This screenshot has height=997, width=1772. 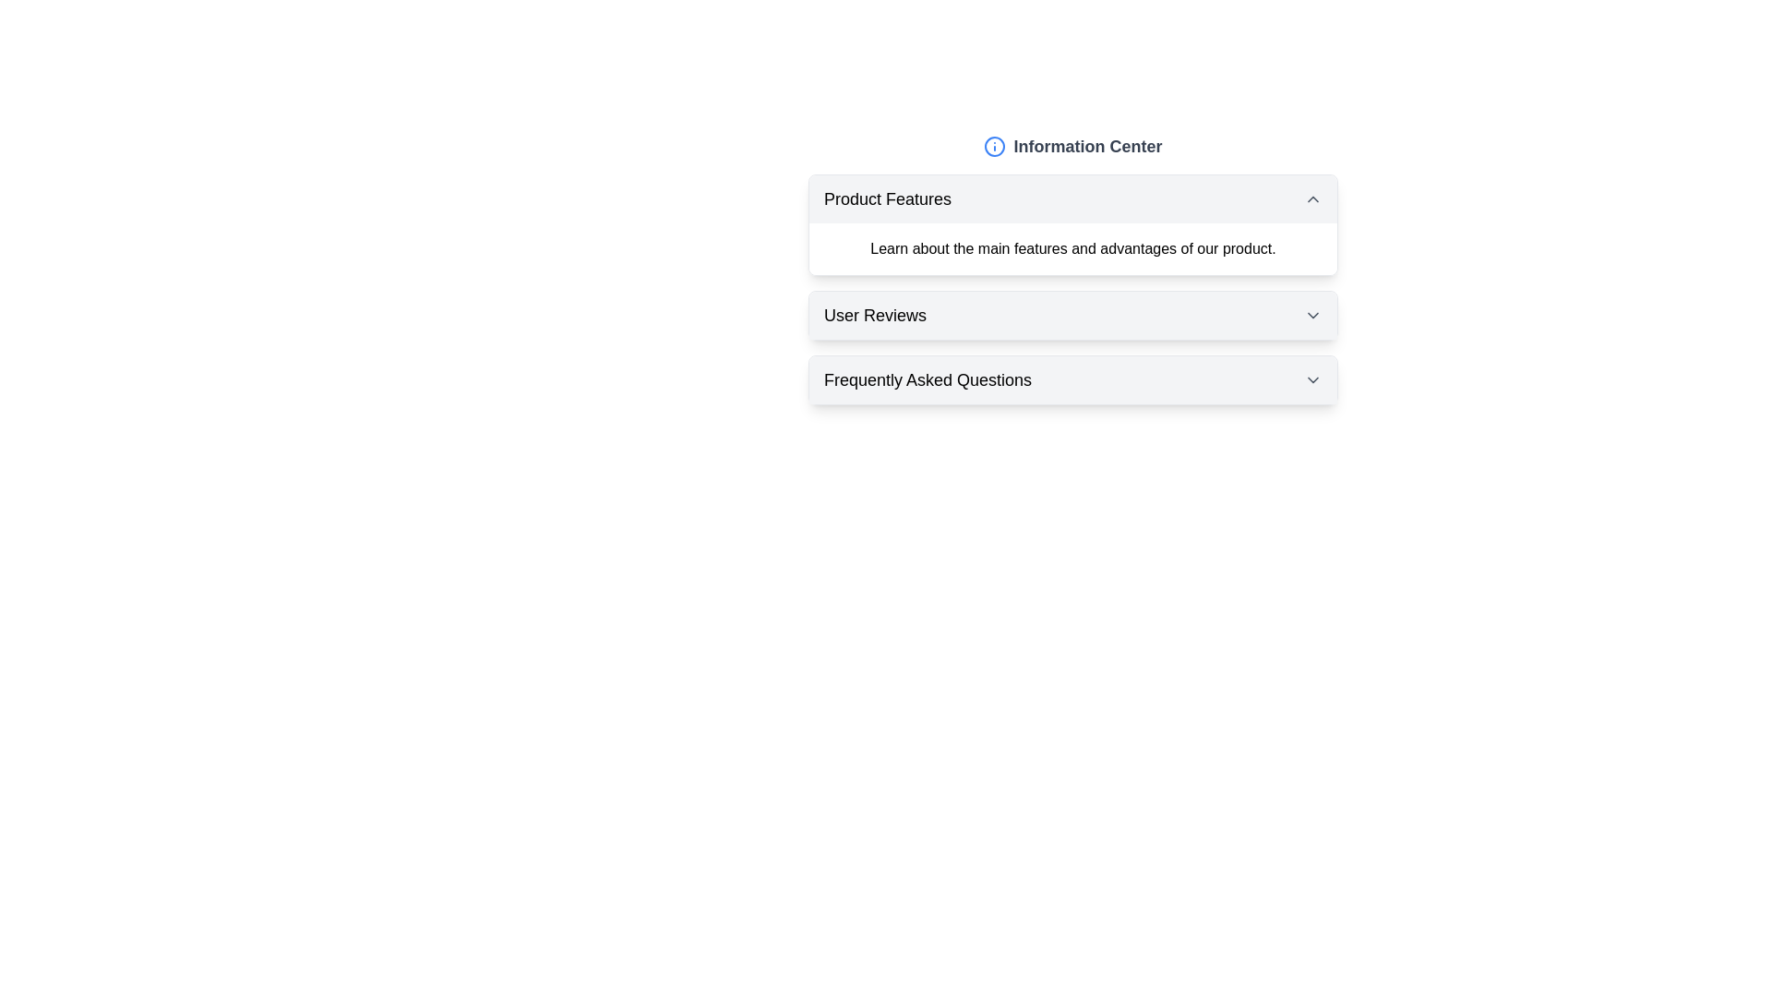 What do you see at coordinates (1072, 315) in the screenshot?
I see `the 'User Reviews' Collapsible Header by moving the cursor to its center point to navigate through the interface` at bounding box center [1072, 315].